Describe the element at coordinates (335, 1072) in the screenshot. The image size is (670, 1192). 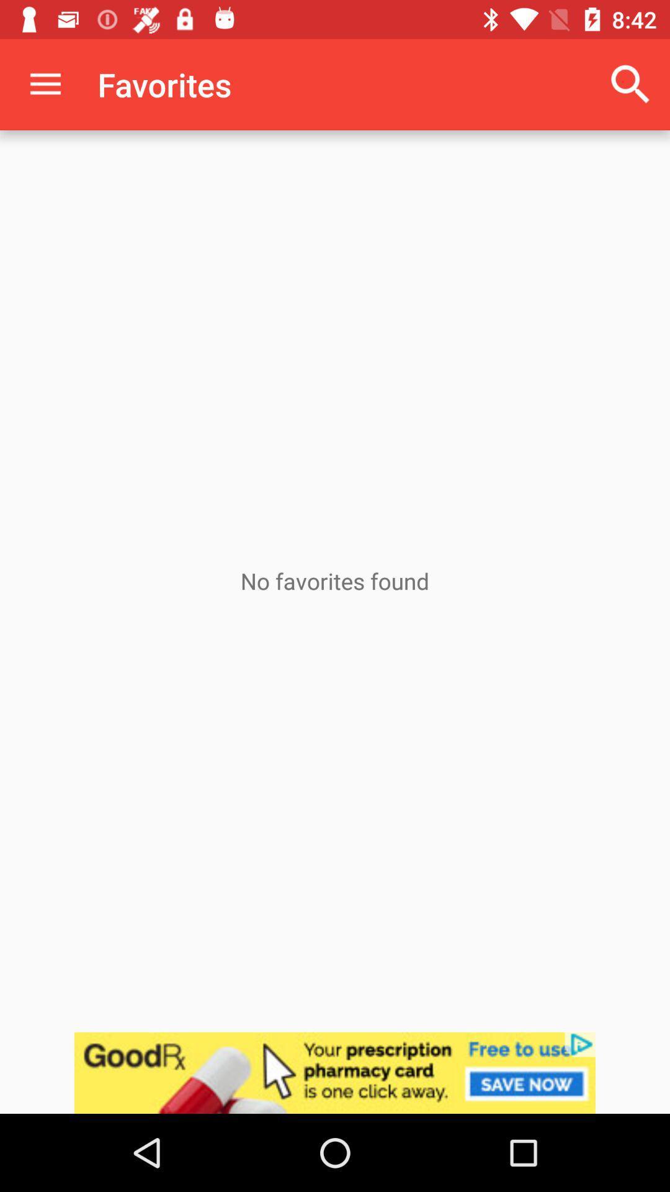
I see `another site` at that location.